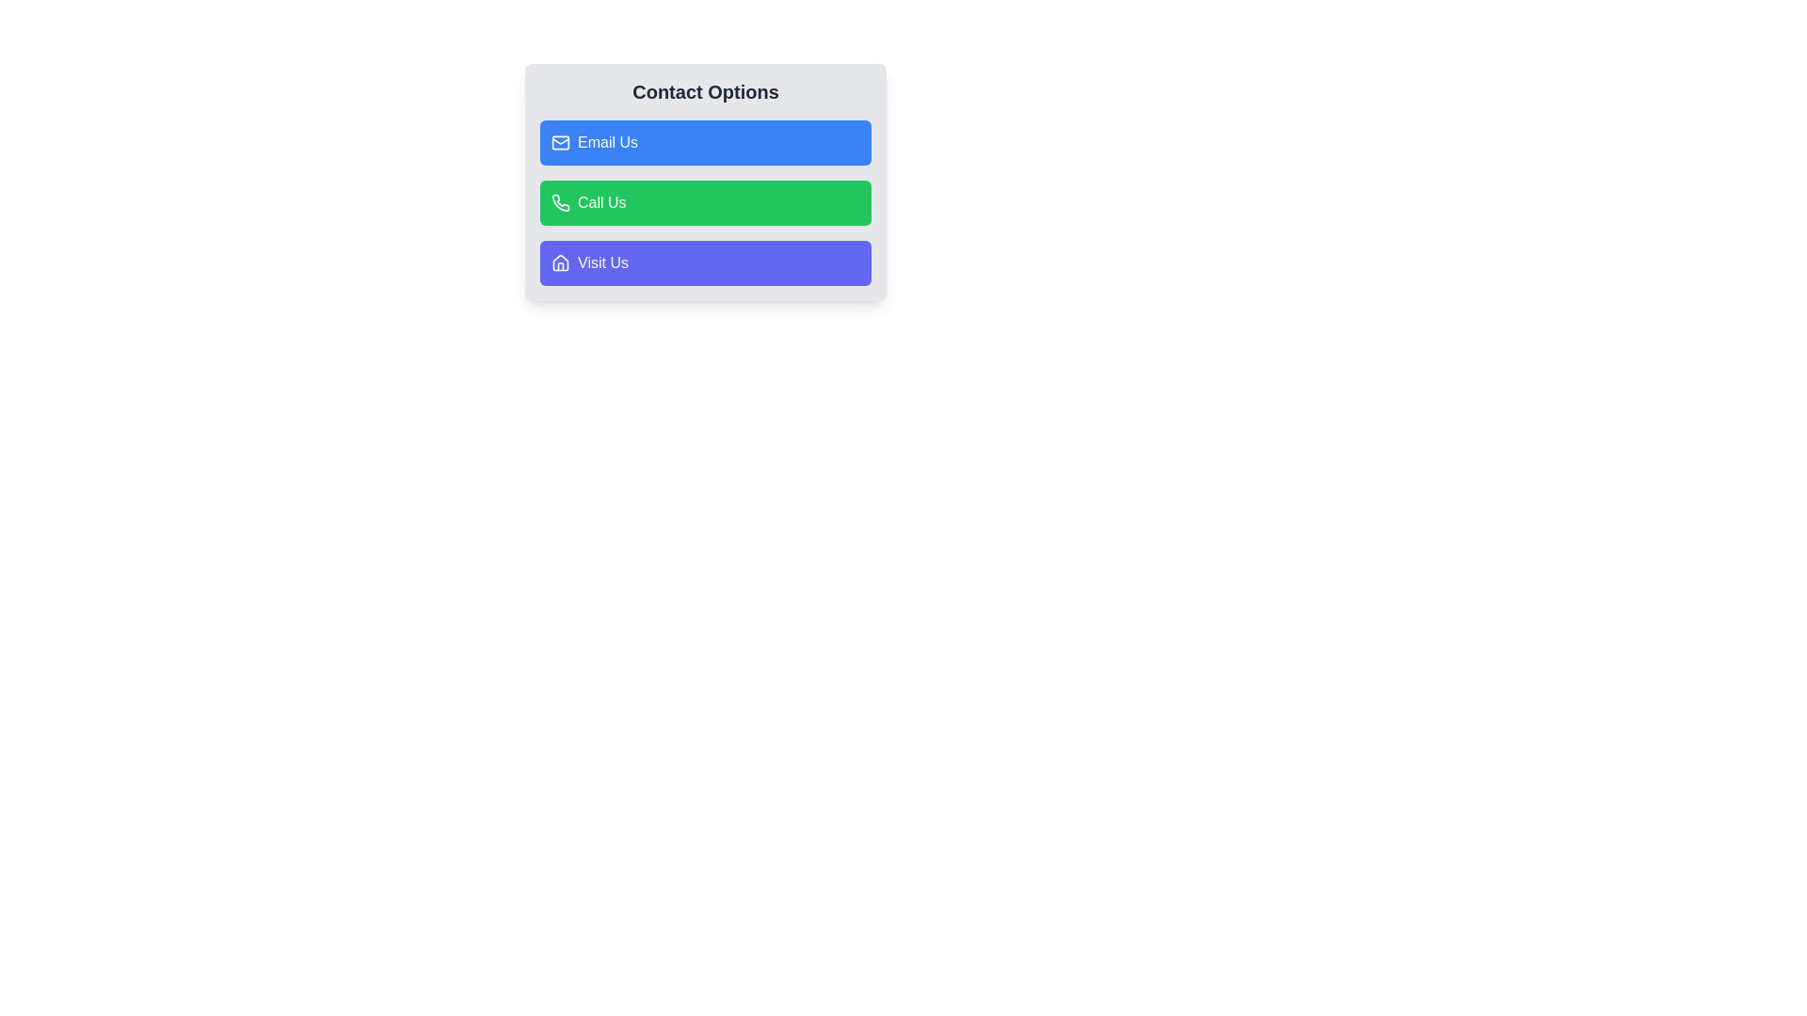  I want to click on the button labeled with text that redirects users to a location or contact page, positioned as the third option under 'Contact Options', so click(602, 263).